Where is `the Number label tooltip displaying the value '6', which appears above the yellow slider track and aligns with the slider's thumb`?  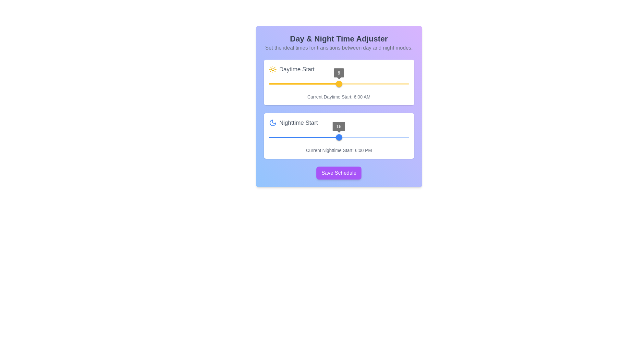
the Number label tooltip displaying the value '6', which appears above the yellow slider track and aligns with the slider's thumb is located at coordinates (338, 73).